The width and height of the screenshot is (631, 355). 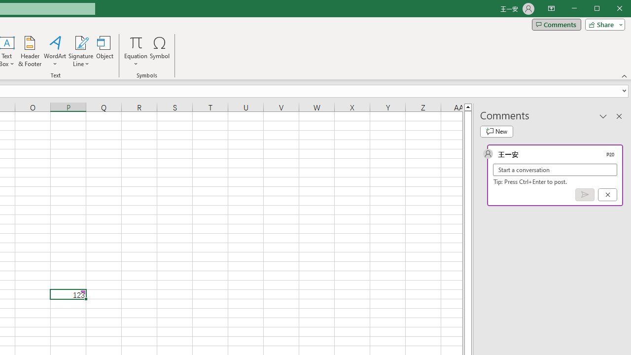 What do you see at coordinates (624, 75) in the screenshot?
I see `'Collapse the Ribbon'` at bounding box center [624, 75].